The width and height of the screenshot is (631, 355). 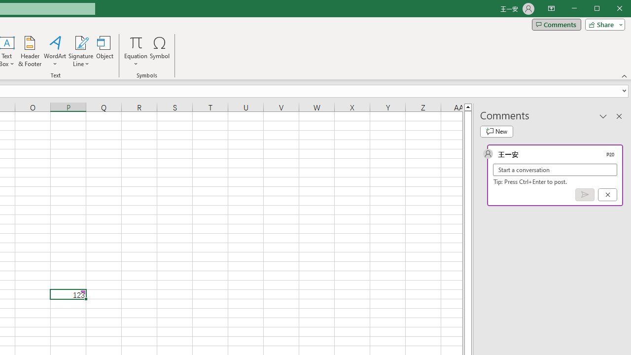 What do you see at coordinates (624, 75) in the screenshot?
I see `'Collapse the Ribbon'` at bounding box center [624, 75].